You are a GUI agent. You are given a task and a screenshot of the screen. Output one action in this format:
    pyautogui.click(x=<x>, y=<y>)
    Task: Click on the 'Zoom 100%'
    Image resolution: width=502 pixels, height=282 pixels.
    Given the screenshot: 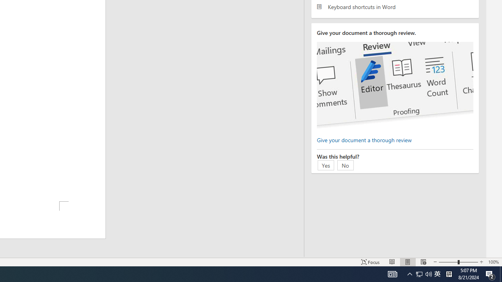 What is the action you would take?
    pyautogui.click(x=493, y=262)
    